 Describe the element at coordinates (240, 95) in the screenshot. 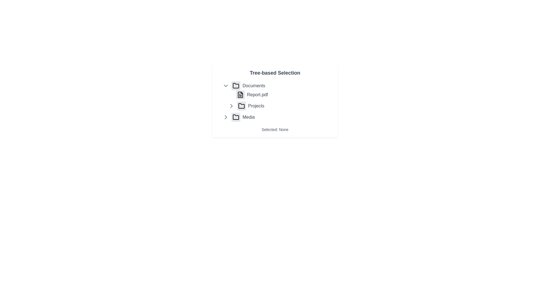

I see `the icon representing the file 'Report.pdf'` at that location.